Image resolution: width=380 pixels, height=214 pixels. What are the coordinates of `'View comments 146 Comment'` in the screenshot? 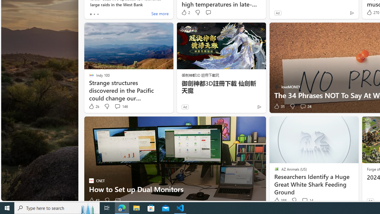 It's located at (121, 106).